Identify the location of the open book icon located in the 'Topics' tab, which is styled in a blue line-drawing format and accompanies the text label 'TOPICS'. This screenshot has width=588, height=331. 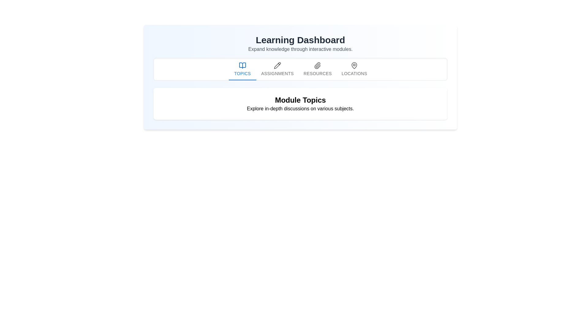
(242, 66).